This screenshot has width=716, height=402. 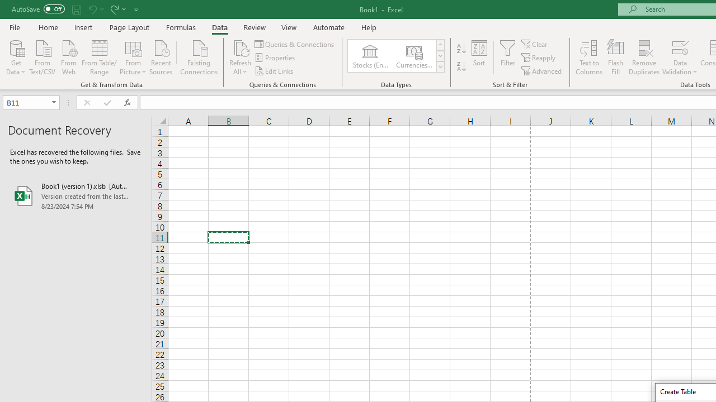 What do you see at coordinates (543, 71) in the screenshot?
I see `'Advanced...'` at bounding box center [543, 71].